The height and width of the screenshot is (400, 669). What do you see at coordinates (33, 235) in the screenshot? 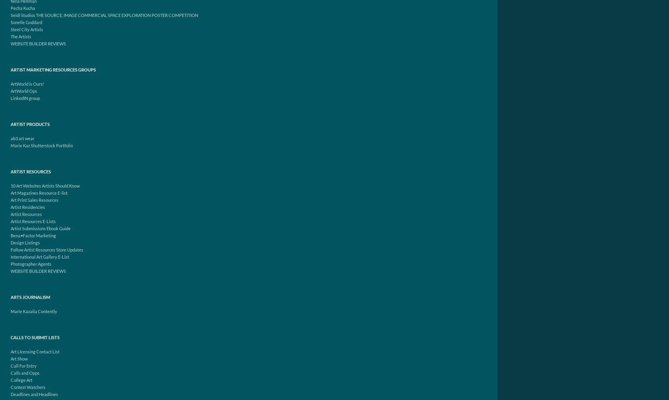
I see `'Bena•Factor Marketing'` at bounding box center [33, 235].